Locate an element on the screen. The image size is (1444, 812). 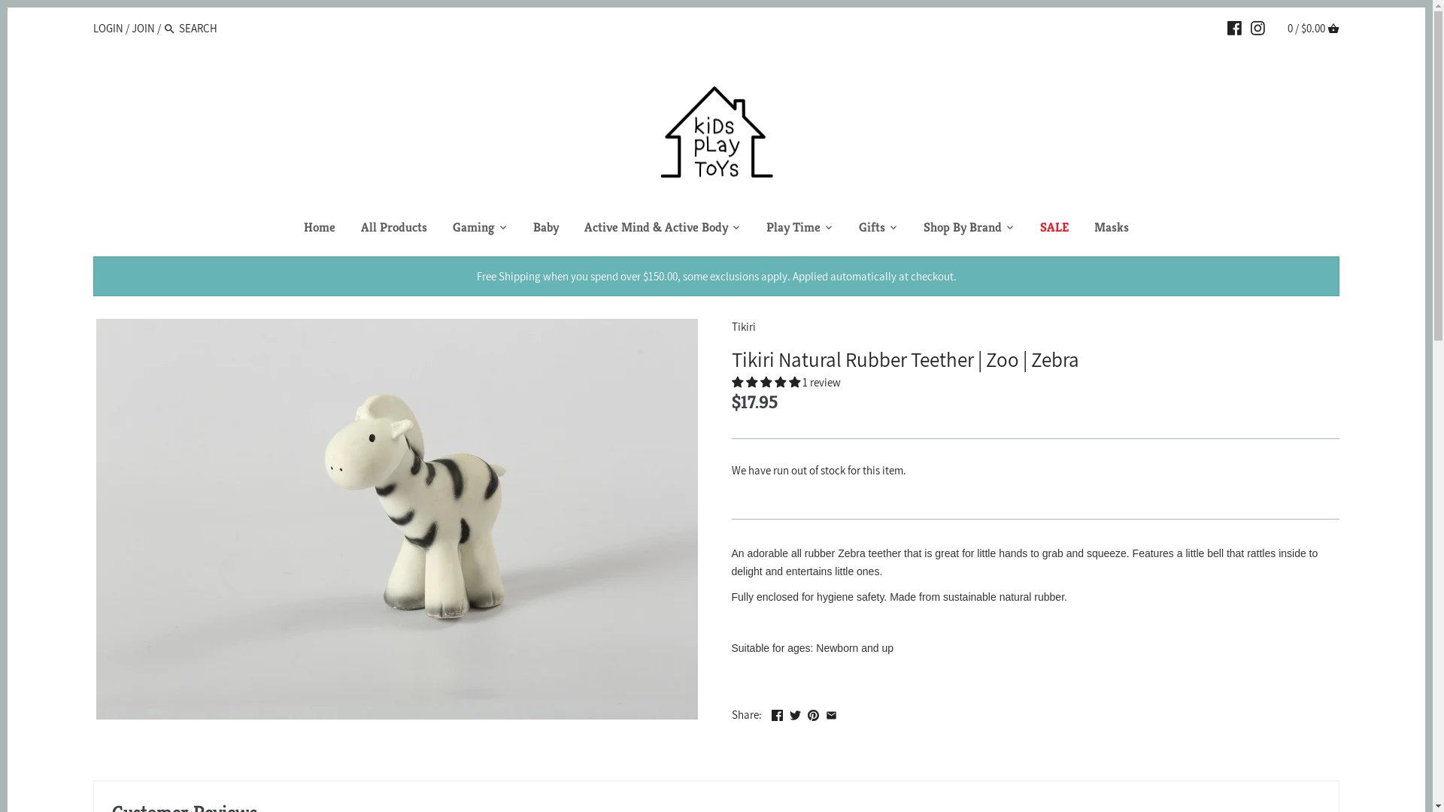
'FACEBOOK' is located at coordinates (1234, 28).